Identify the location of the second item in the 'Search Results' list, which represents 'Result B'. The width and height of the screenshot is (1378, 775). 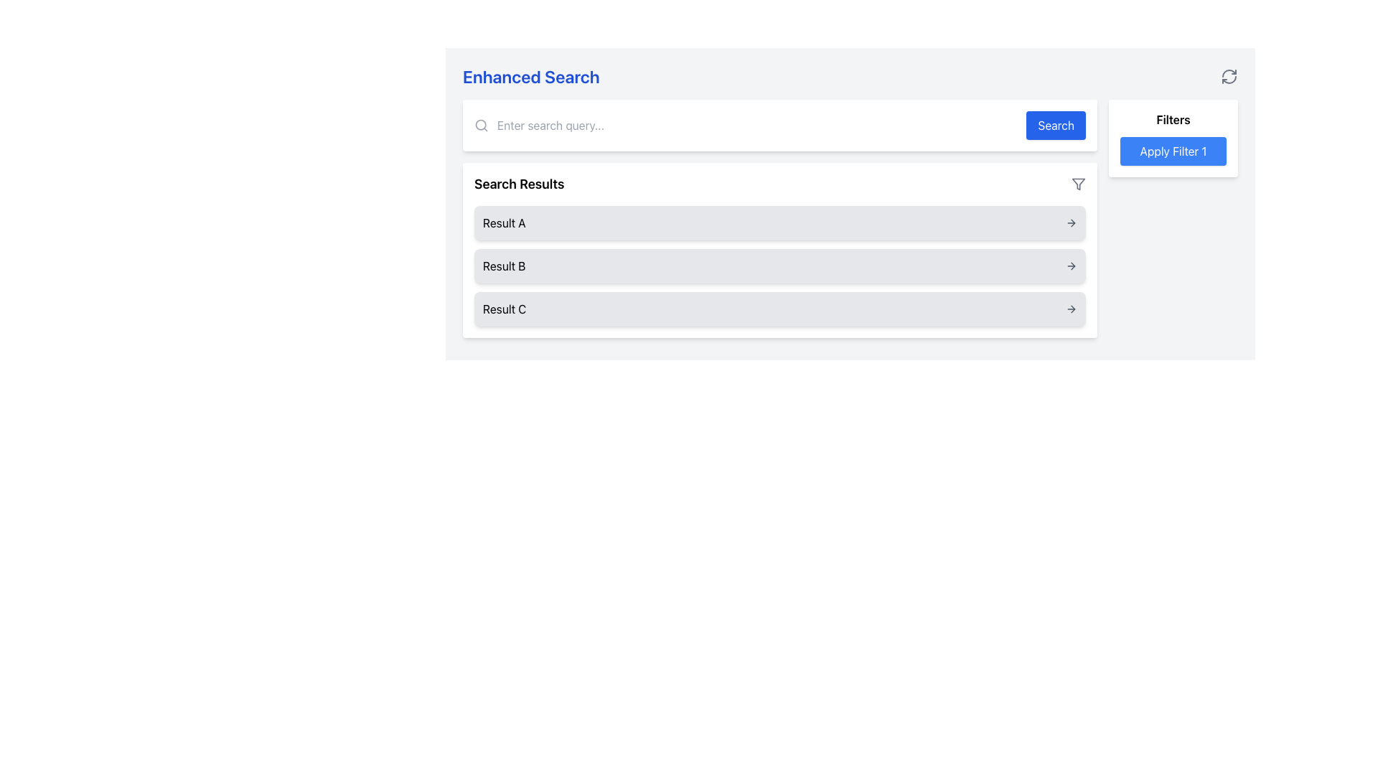
(779, 266).